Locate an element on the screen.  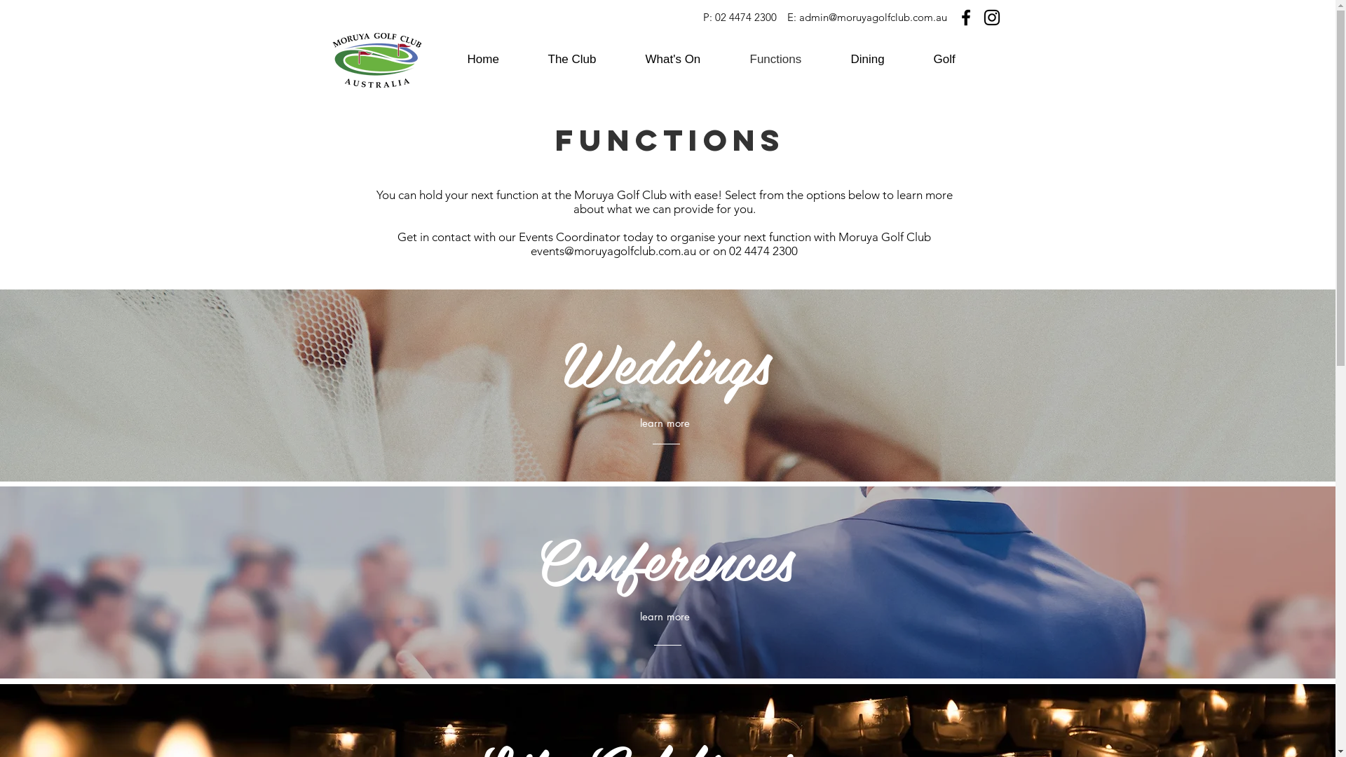
'The Club' is located at coordinates (536, 58).